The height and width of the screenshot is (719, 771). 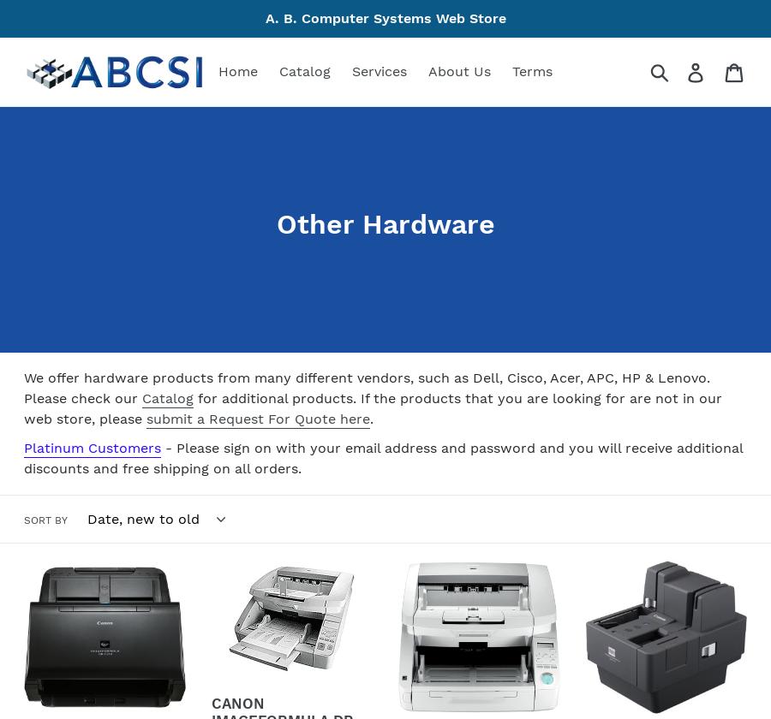 I want to click on 'Sort by', so click(x=22, y=519).